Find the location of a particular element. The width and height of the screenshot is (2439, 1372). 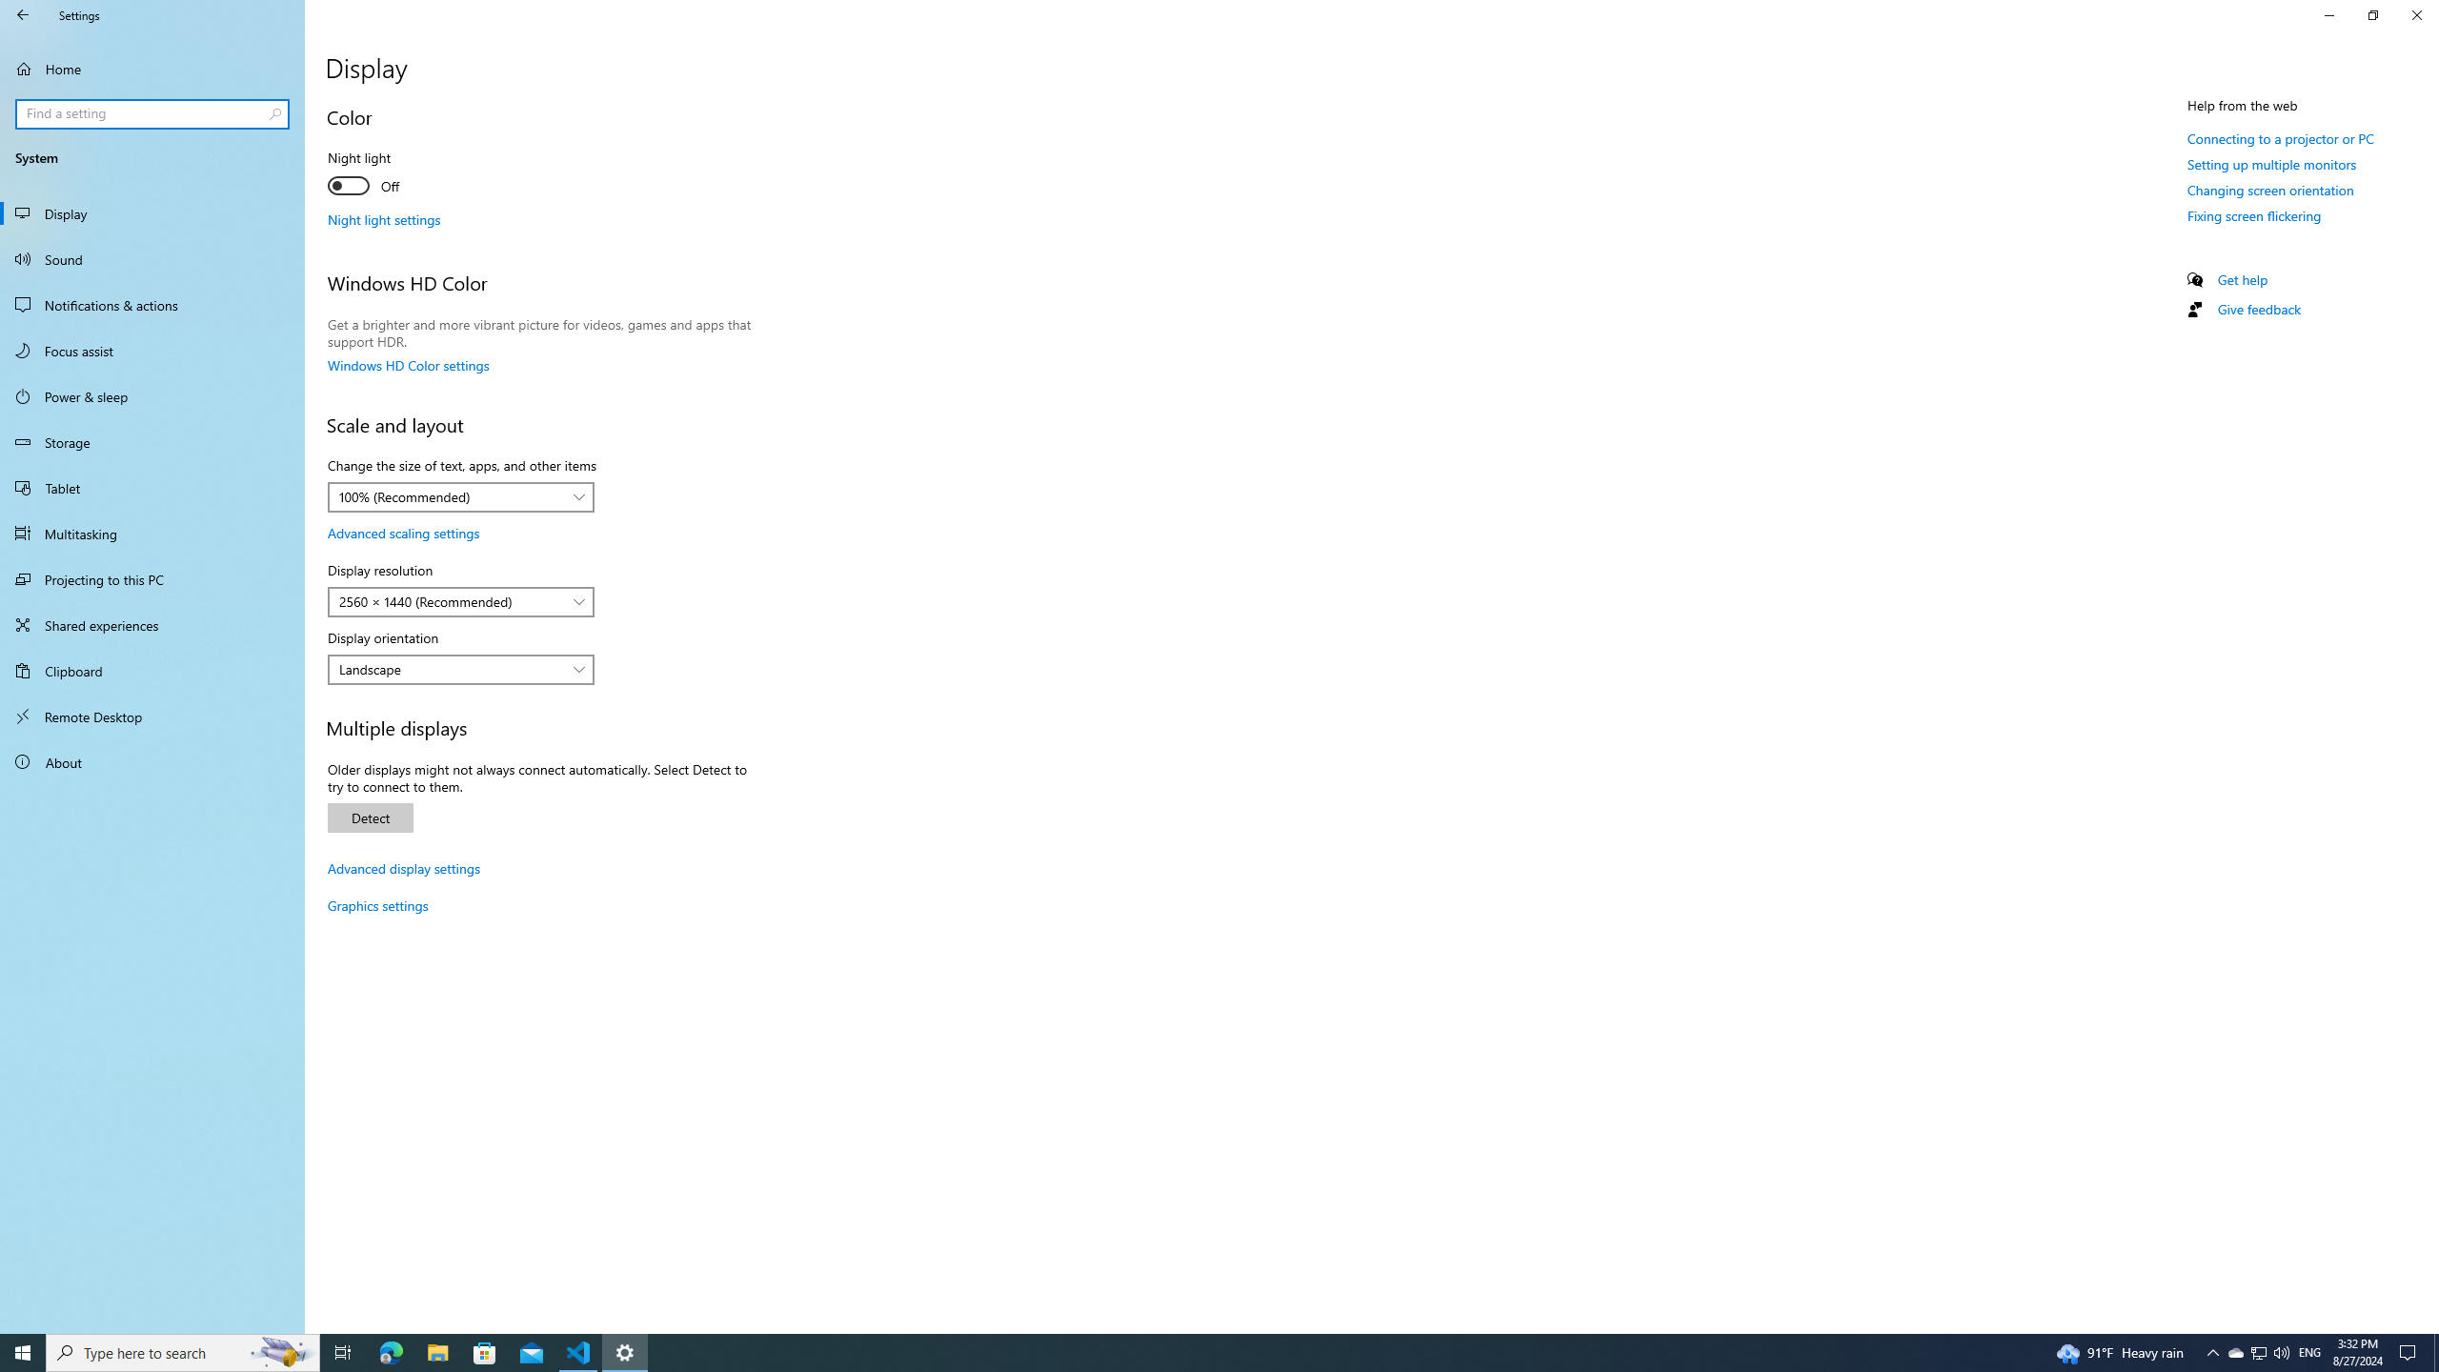

'Remote Desktop' is located at coordinates (151, 716).